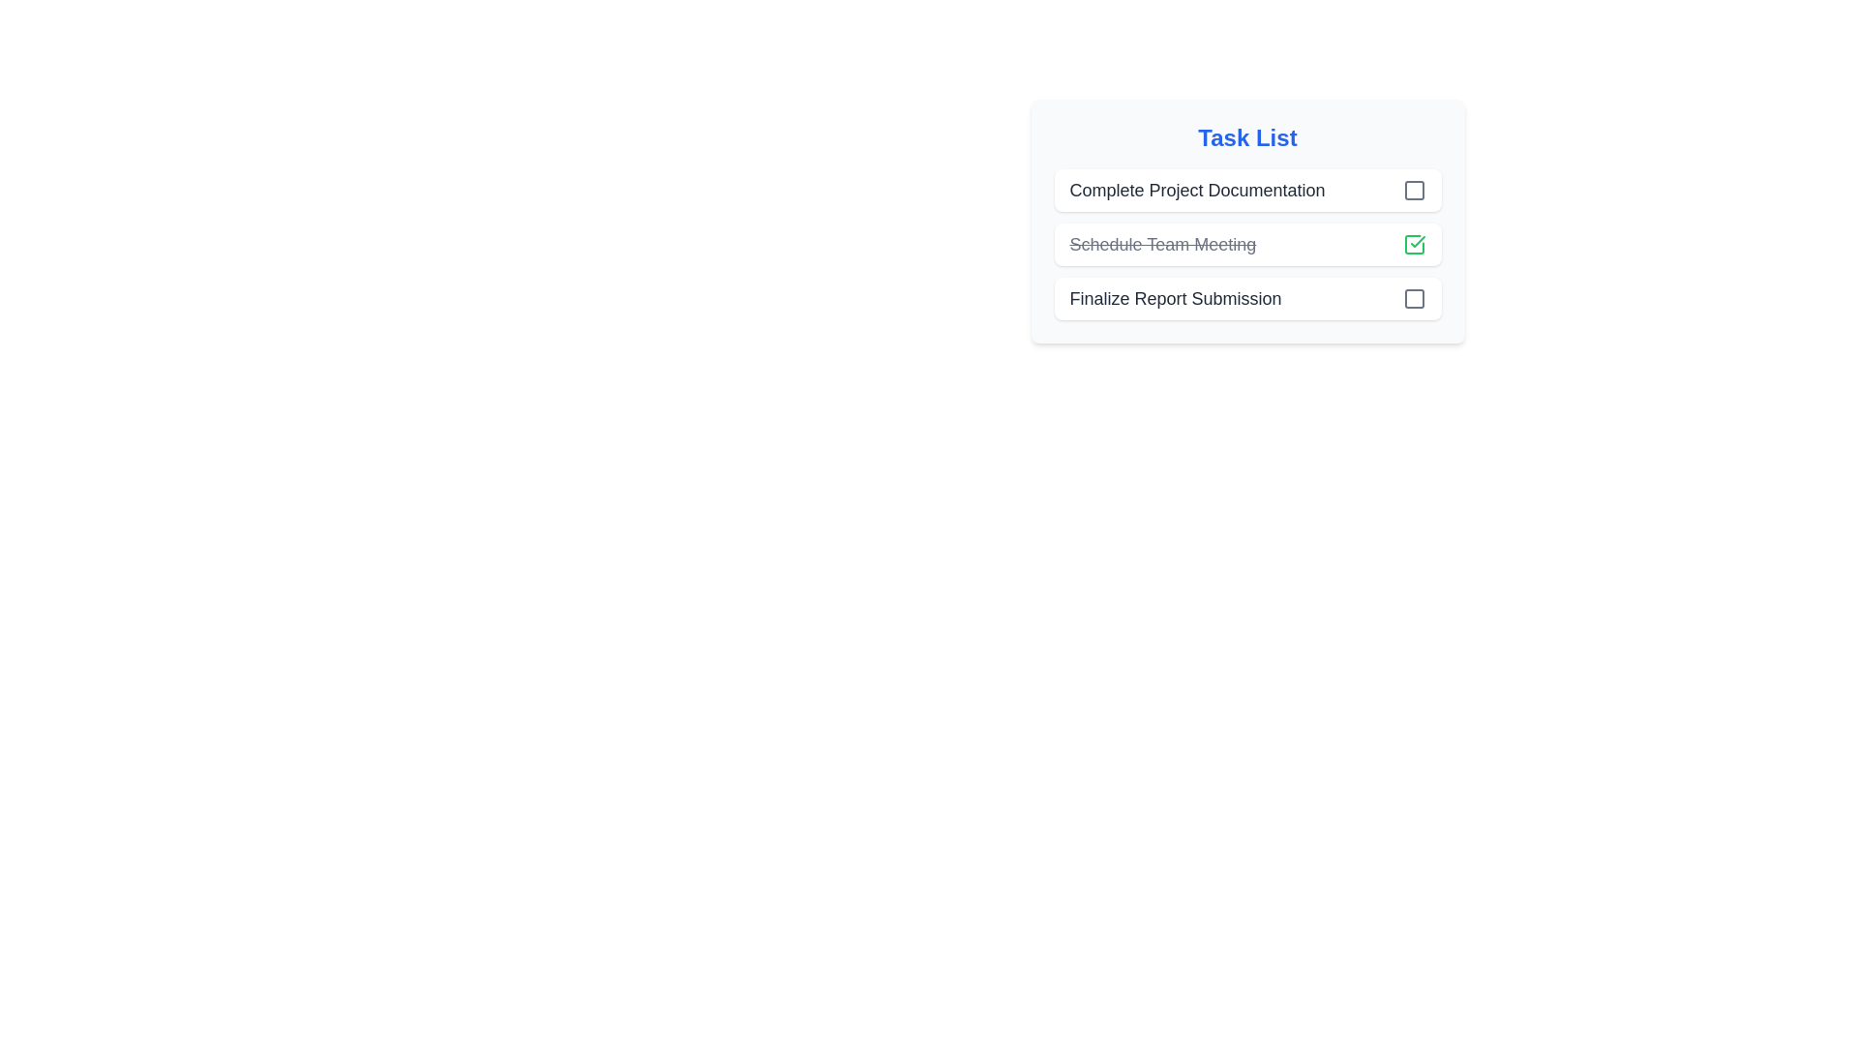 This screenshot has width=1858, height=1045. What do you see at coordinates (1414, 190) in the screenshot?
I see `the Checkbox-like interactive icon located in the 'Complete Project Documentation' row at the far right side next to the task title` at bounding box center [1414, 190].